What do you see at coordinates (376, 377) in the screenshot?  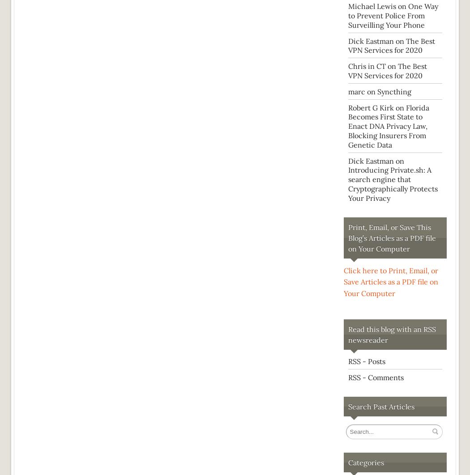 I see `'RSS - Comments'` at bounding box center [376, 377].